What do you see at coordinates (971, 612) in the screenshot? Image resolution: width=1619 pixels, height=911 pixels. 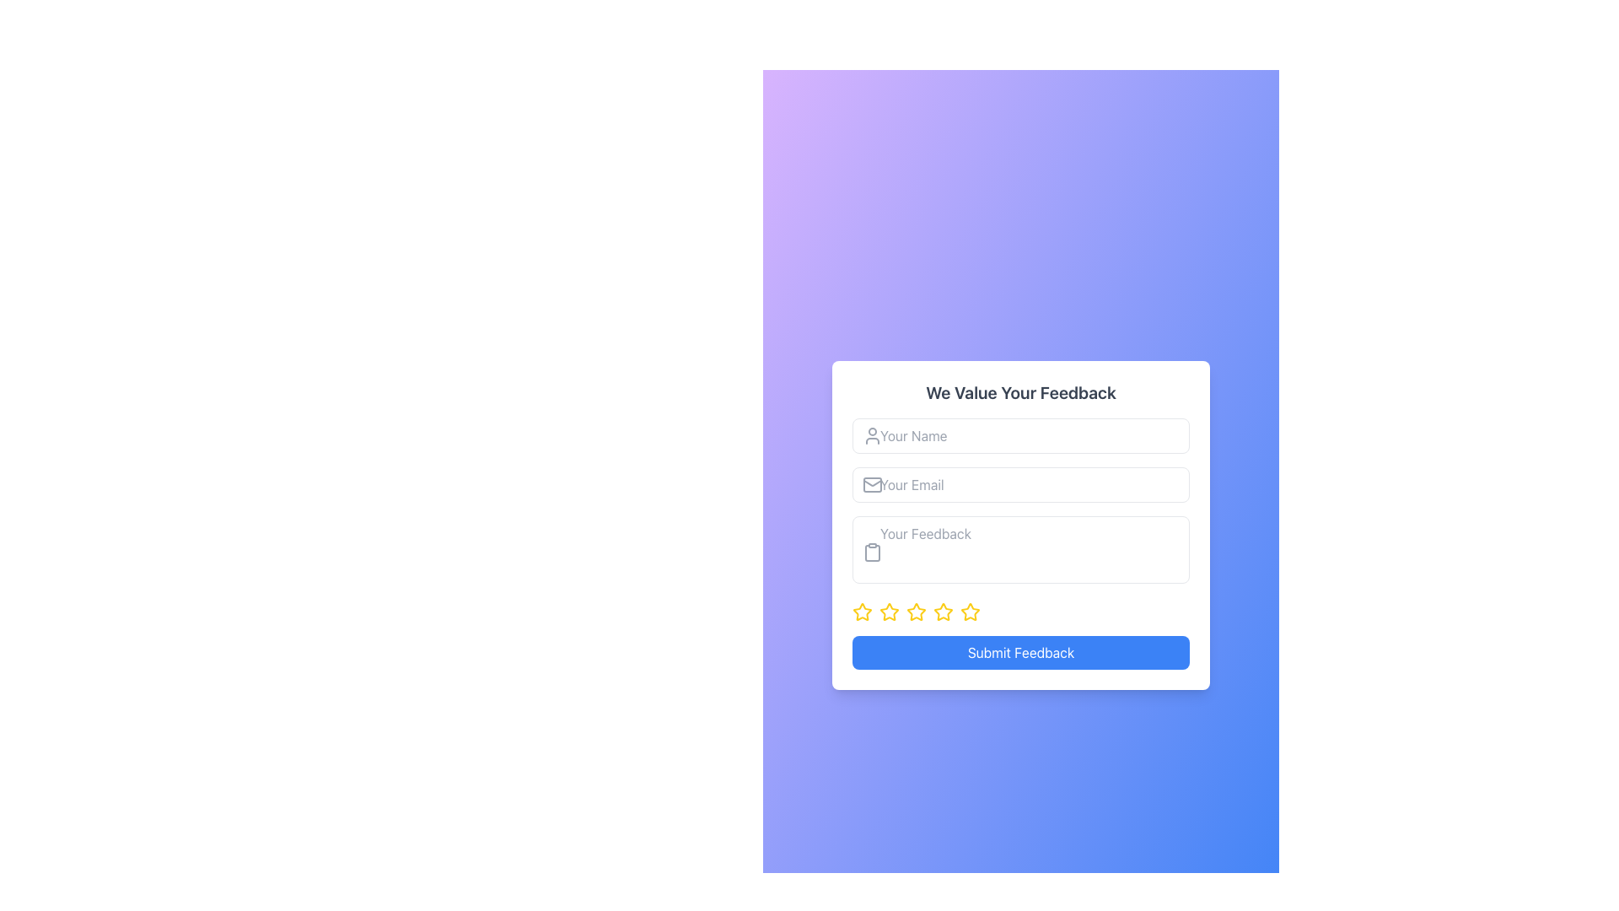 I see `the seventh star icon to set a rating in the feedback mechanism` at bounding box center [971, 612].